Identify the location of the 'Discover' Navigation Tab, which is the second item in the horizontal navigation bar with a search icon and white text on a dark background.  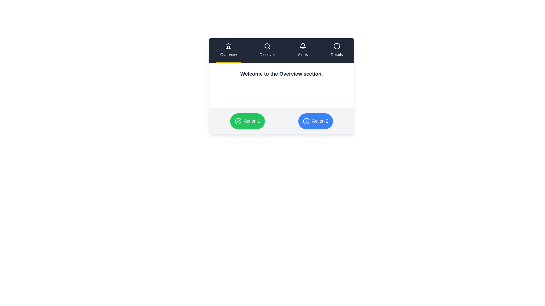
(267, 50).